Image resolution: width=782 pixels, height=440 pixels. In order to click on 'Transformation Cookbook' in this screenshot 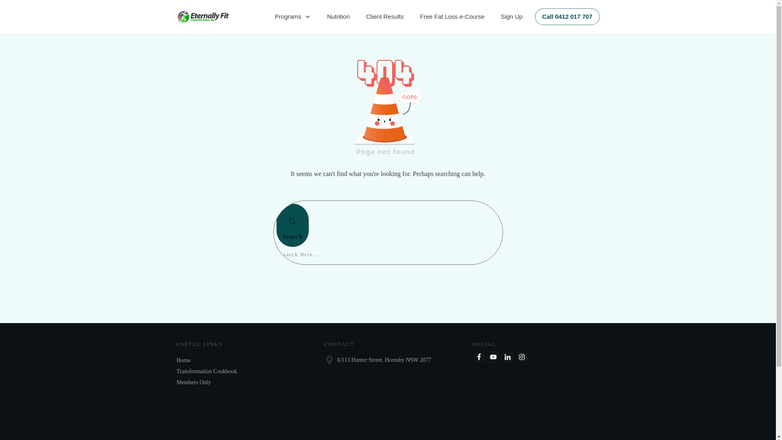, I will do `click(207, 371)`.